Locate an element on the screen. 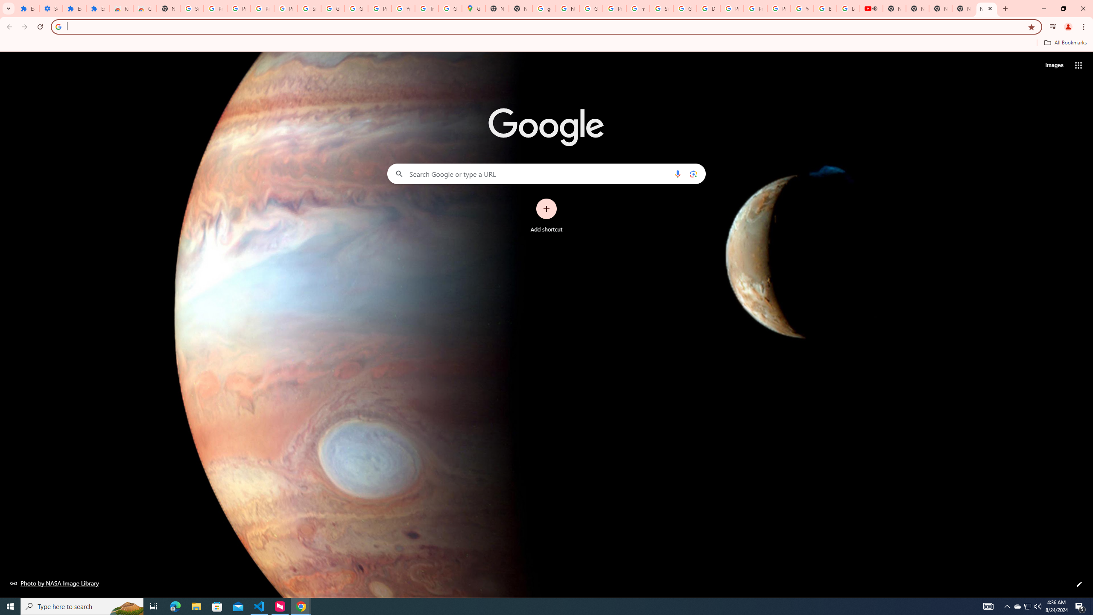 The width and height of the screenshot is (1093, 615). 'Extensions' is located at coordinates (97, 8).